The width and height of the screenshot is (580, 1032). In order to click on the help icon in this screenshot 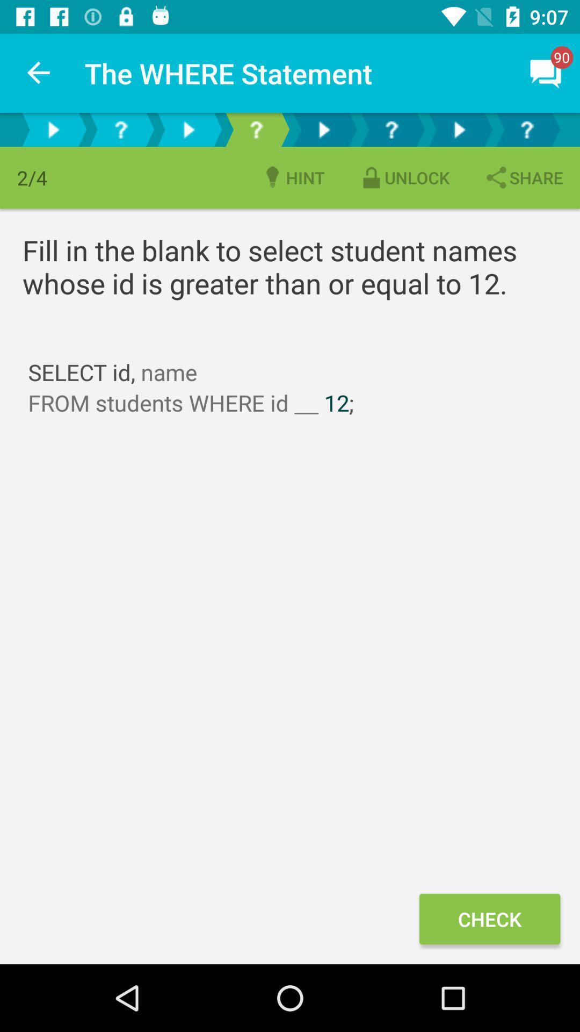, I will do `click(256, 129)`.